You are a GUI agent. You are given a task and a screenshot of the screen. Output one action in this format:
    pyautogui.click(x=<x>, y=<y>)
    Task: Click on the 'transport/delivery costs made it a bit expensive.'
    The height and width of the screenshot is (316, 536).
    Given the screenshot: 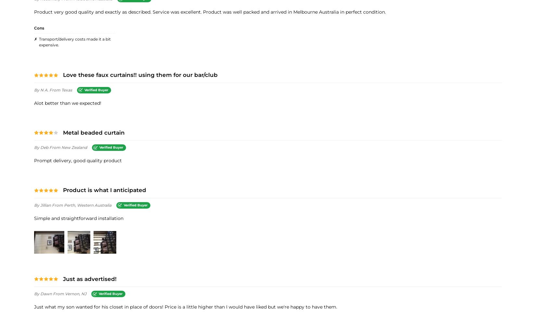 What is the action you would take?
    pyautogui.click(x=75, y=42)
    